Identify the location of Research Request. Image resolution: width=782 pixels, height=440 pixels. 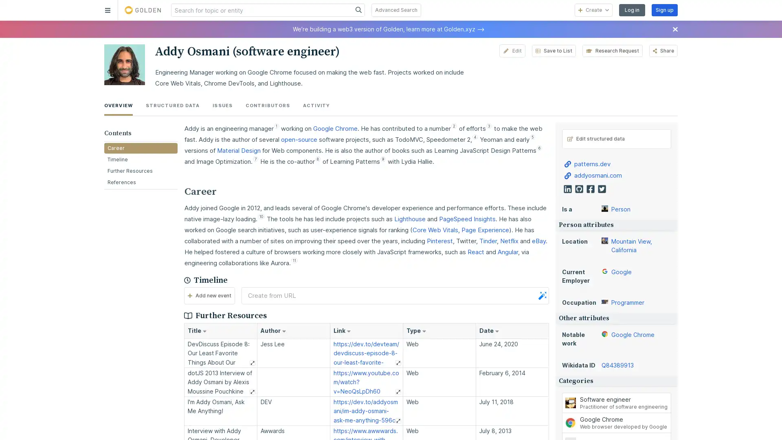
(612, 51).